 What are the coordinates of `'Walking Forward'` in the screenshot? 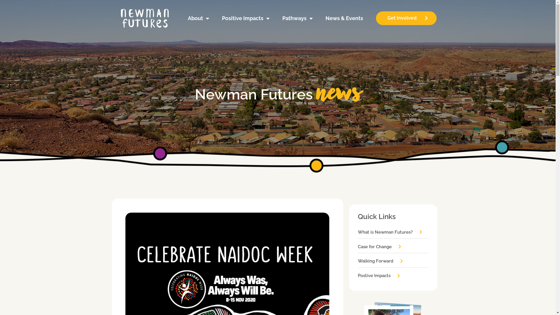 It's located at (381, 261).